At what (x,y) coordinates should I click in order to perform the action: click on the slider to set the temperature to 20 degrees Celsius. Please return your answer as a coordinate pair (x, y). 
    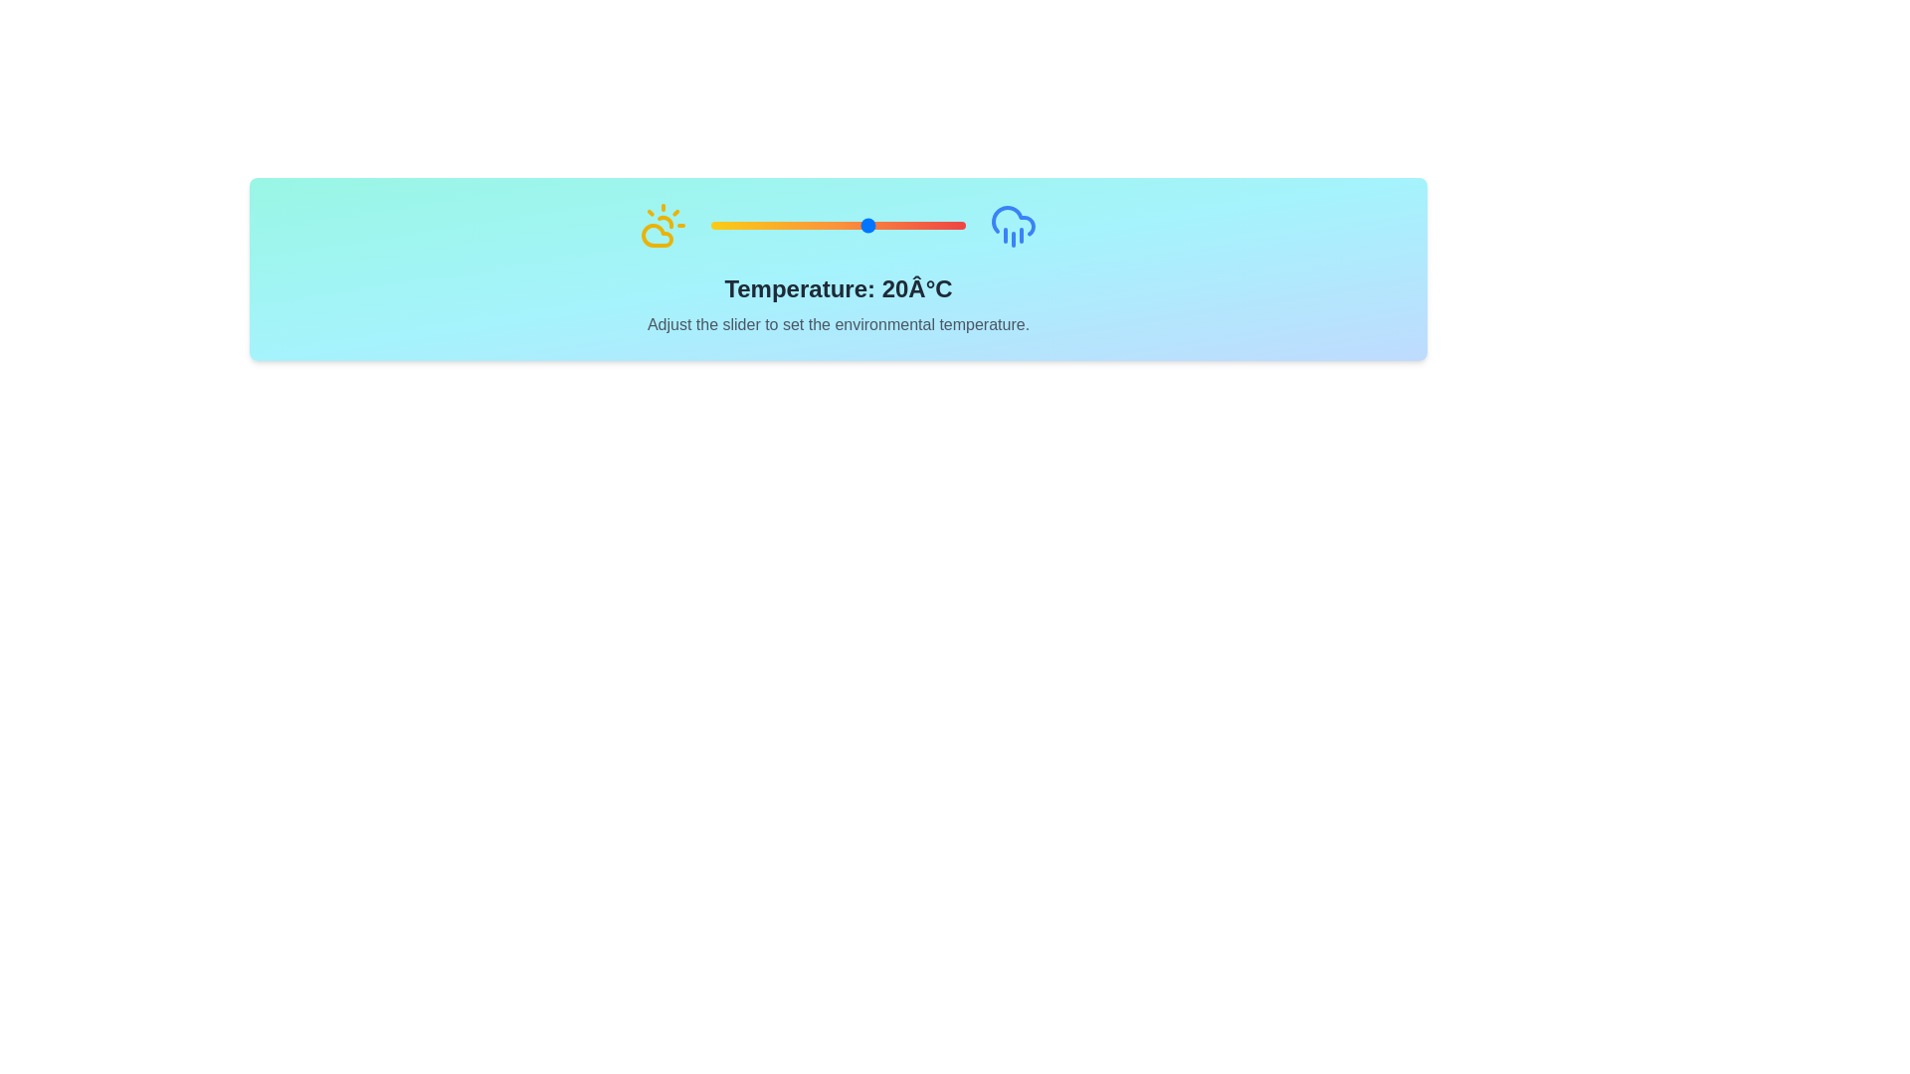
    Looking at the image, I should click on (869, 225).